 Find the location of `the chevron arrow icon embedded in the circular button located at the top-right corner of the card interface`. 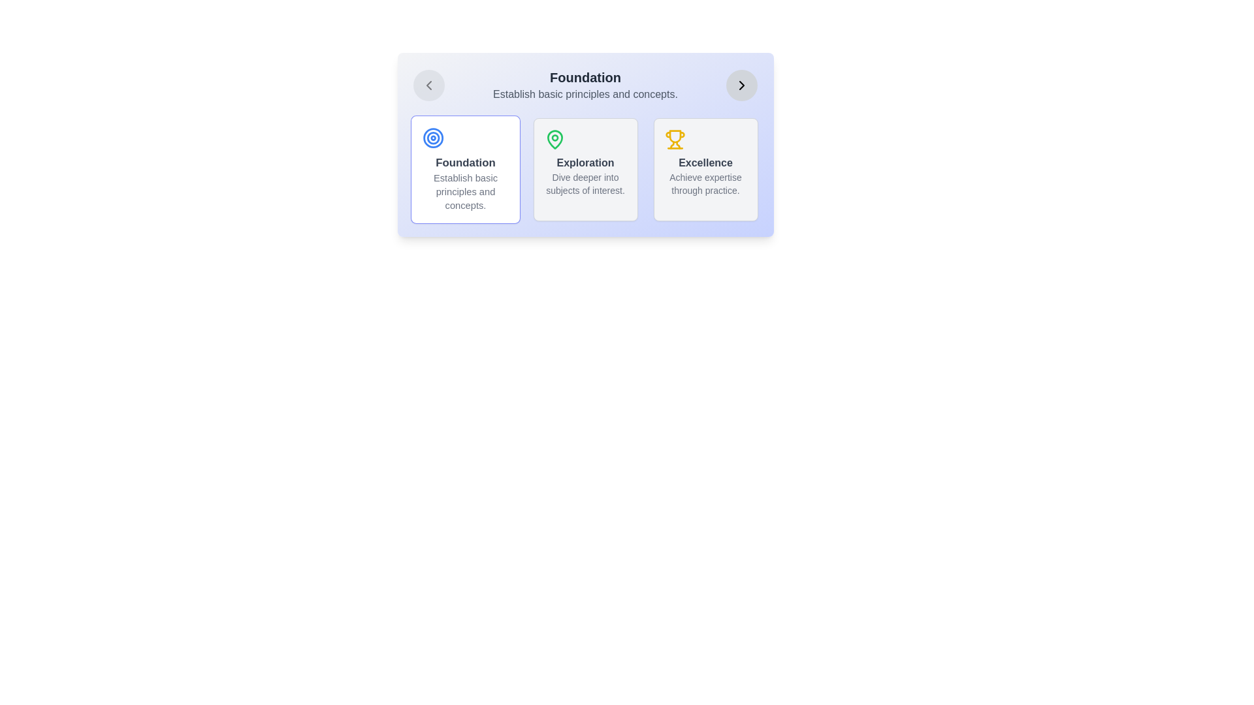

the chevron arrow icon embedded in the circular button located at the top-right corner of the card interface is located at coordinates (742, 86).